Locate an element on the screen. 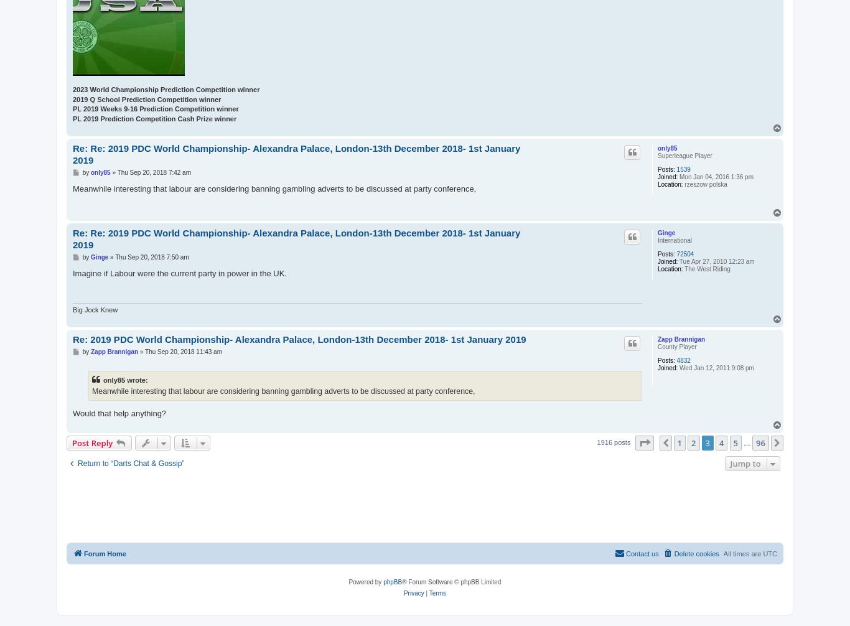  'Terms' is located at coordinates (429, 592).